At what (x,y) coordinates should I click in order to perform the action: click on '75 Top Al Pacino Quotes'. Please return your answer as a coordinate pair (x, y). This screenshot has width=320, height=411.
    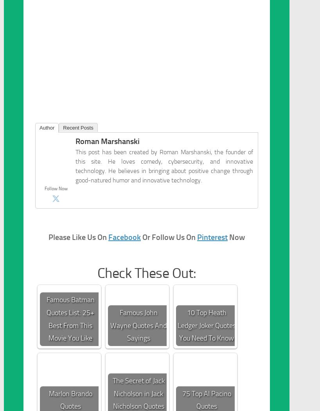
    Looking at the image, I should click on (206, 399).